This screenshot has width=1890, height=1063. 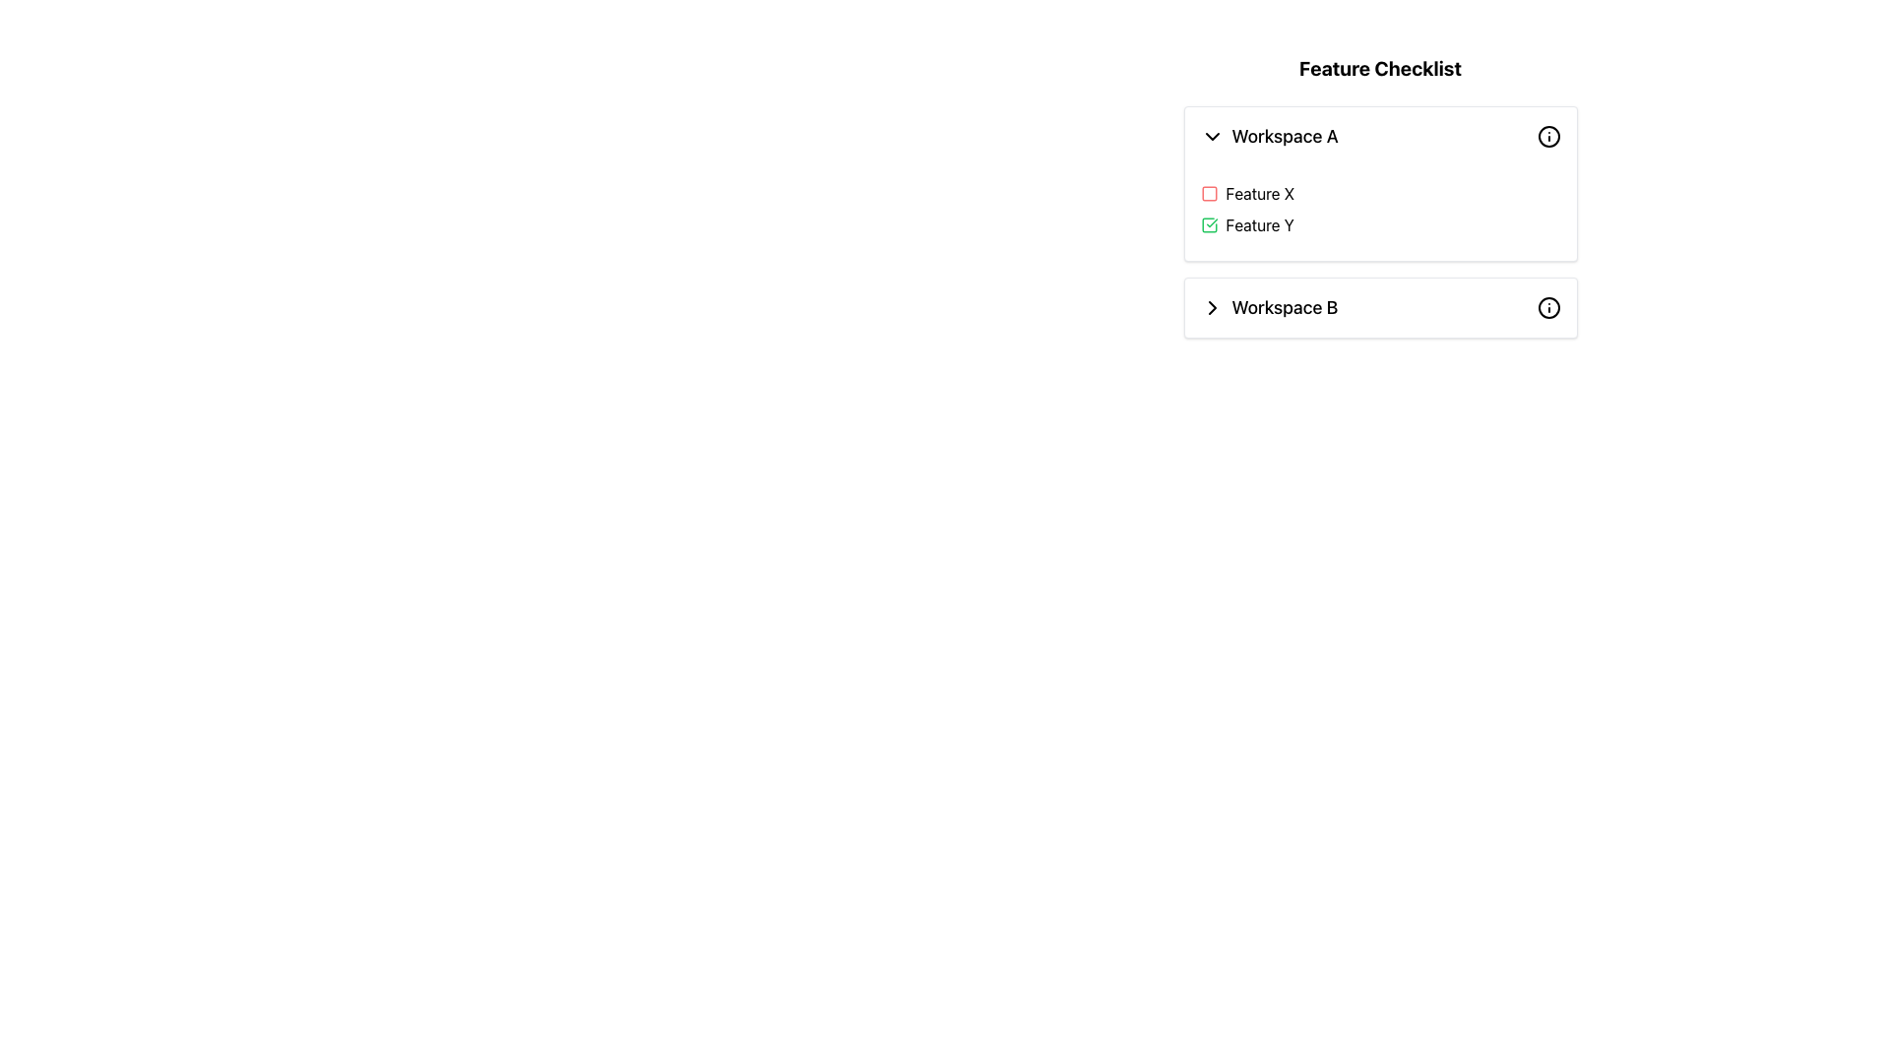 What do you see at coordinates (1211, 307) in the screenshot?
I see `the chevron icon that indicates navigation for 'Workspace B' located towards the leftmost side of its row` at bounding box center [1211, 307].